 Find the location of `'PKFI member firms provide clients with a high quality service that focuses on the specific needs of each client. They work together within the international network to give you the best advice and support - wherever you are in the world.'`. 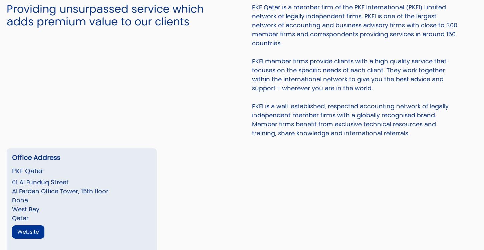

'PKFI member firms provide clients with a high quality service that focuses on the specific needs of each client. They work together within the international network to give you the best advice and support - wherever you are in the world.' is located at coordinates (349, 74).